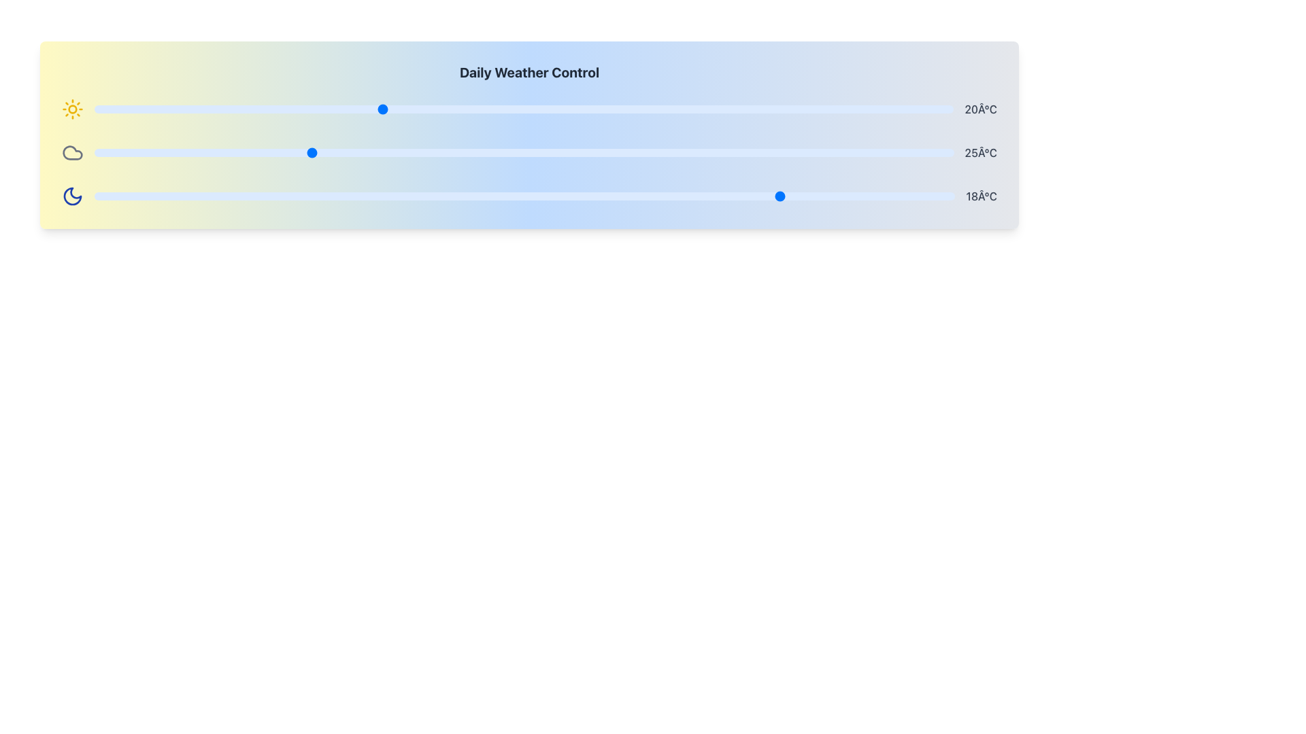 Image resolution: width=1306 pixels, height=734 pixels. I want to click on the slider value, so click(738, 152).